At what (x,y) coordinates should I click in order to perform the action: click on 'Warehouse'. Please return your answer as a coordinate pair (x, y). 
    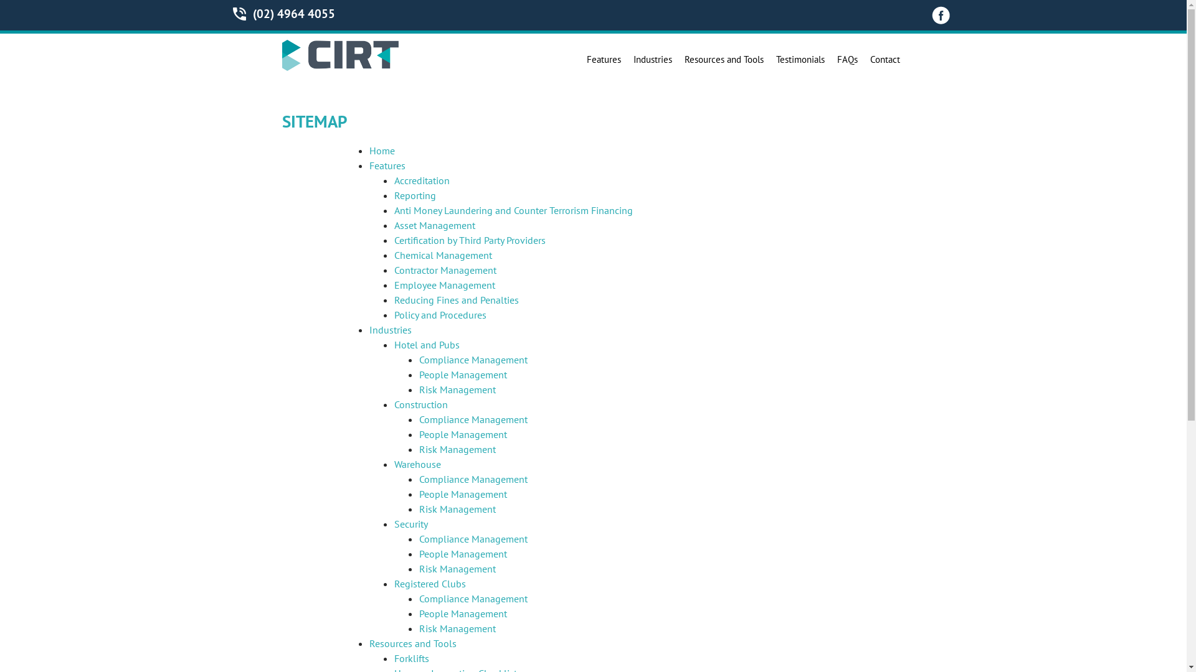
    Looking at the image, I should click on (417, 464).